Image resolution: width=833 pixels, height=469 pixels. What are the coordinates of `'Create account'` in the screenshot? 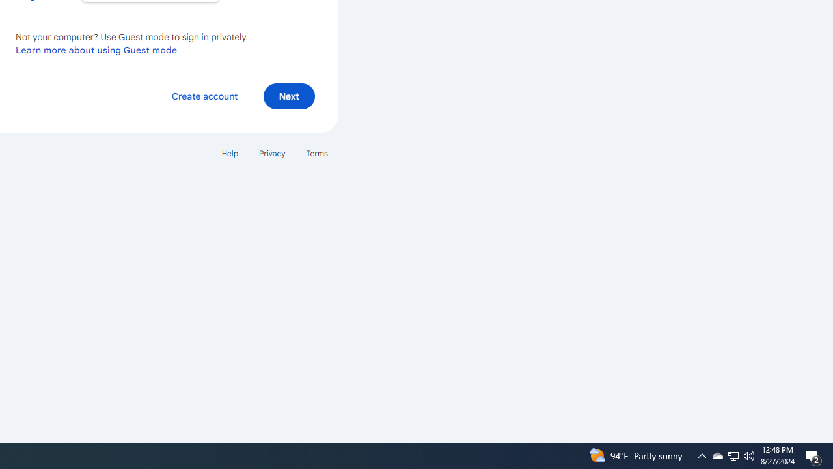 It's located at (204, 95).